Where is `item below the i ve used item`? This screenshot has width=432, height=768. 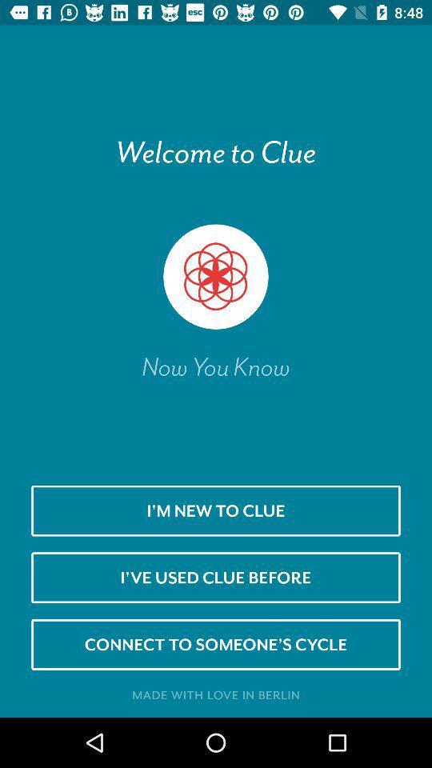 item below the i ve used item is located at coordinates (216, 644).